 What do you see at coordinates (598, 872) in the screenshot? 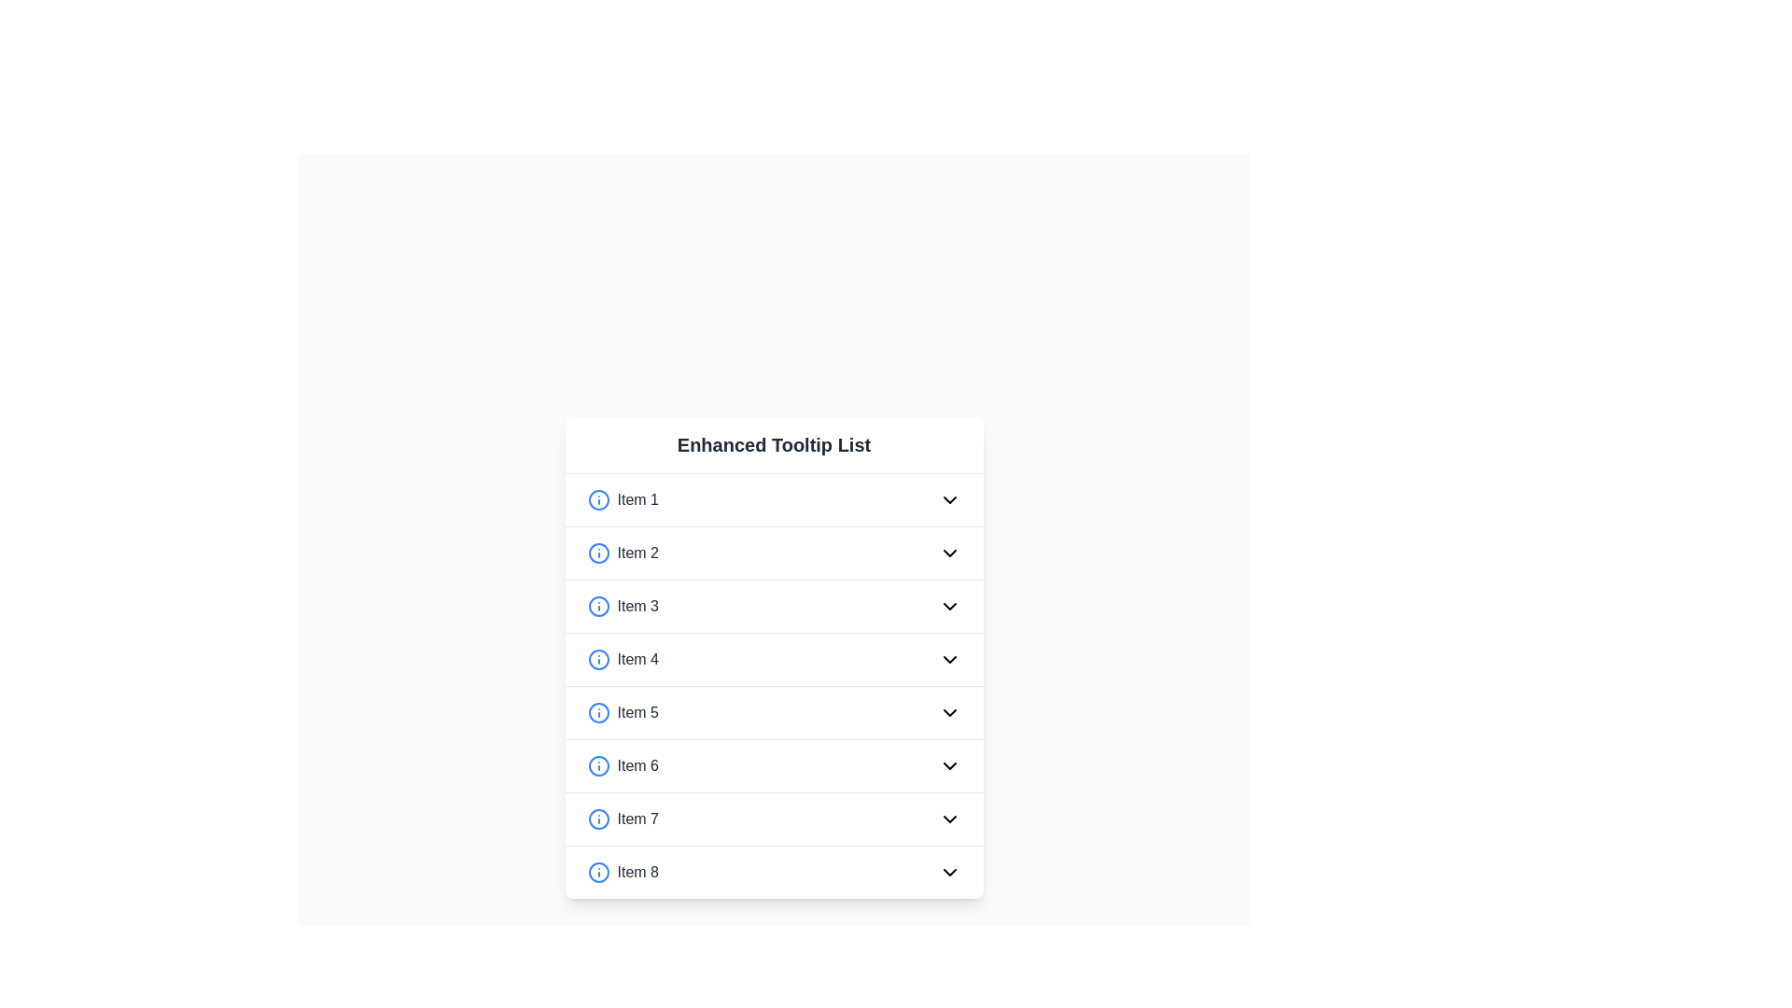
I see `the information icon located to the left of the text 'Item 8' in the 'Enhanced Tooltip List'` at bounding box center [598, 872].